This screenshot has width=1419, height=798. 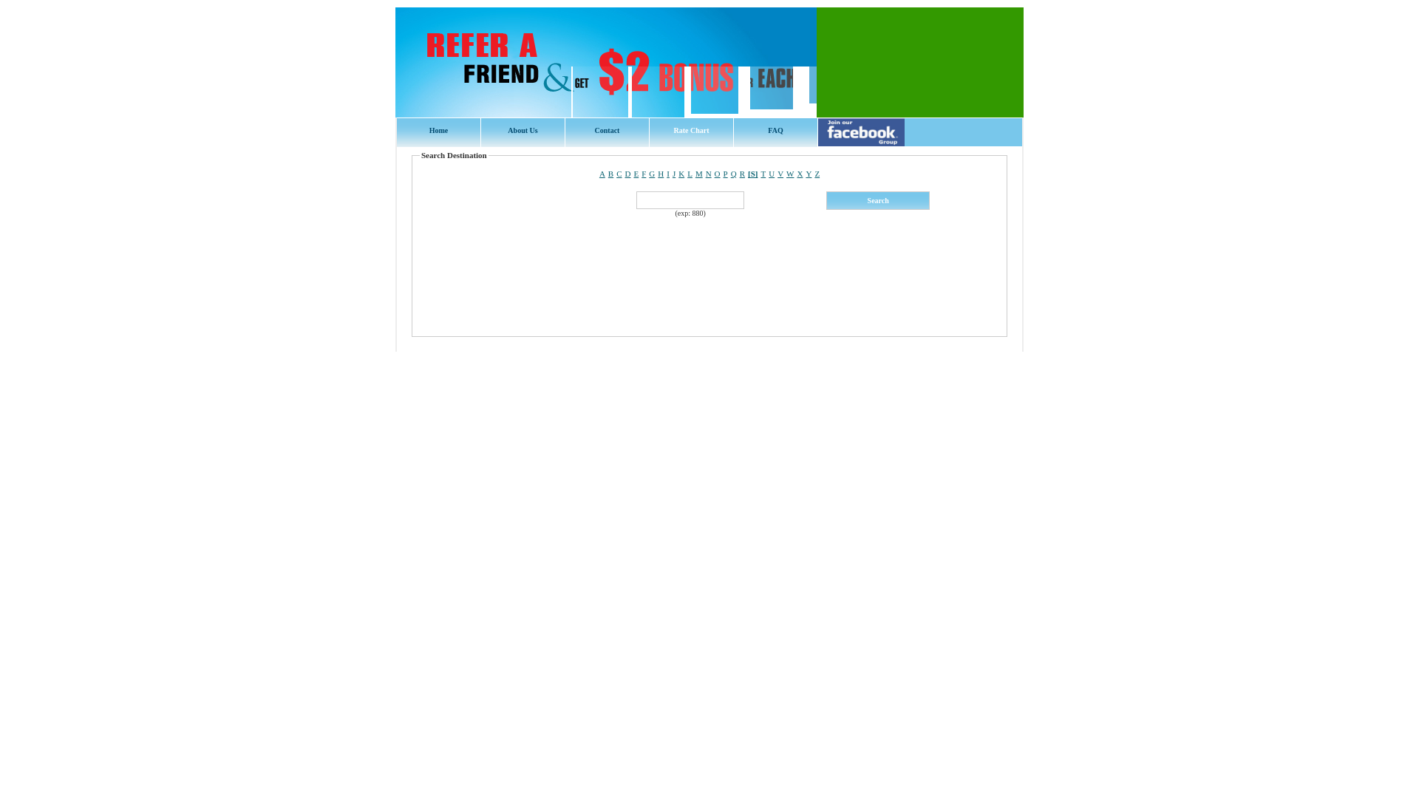 I want to click on 'Q', so click(x=730, y=173).